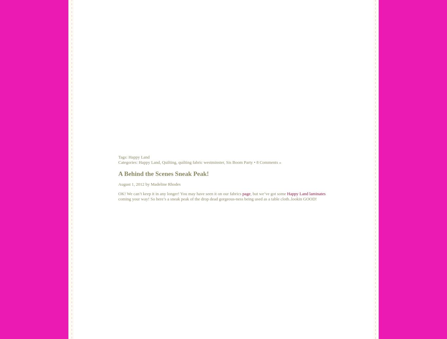 The image size is (447, 339). Describe the element at coordinates (178, 161) in the screenshot. I see `'quilting fabric westminster'` at that location.